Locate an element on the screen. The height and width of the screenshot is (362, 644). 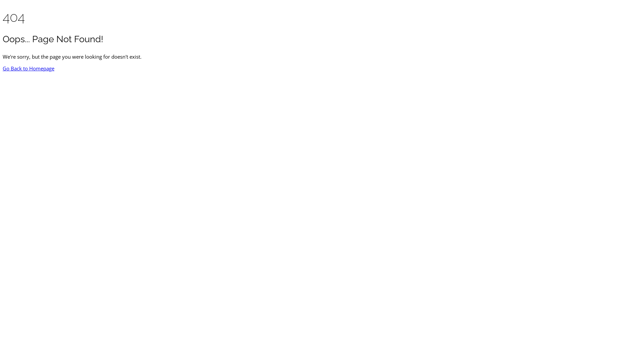
'Go Back to Homepage' is located at coordinates (28, 68).